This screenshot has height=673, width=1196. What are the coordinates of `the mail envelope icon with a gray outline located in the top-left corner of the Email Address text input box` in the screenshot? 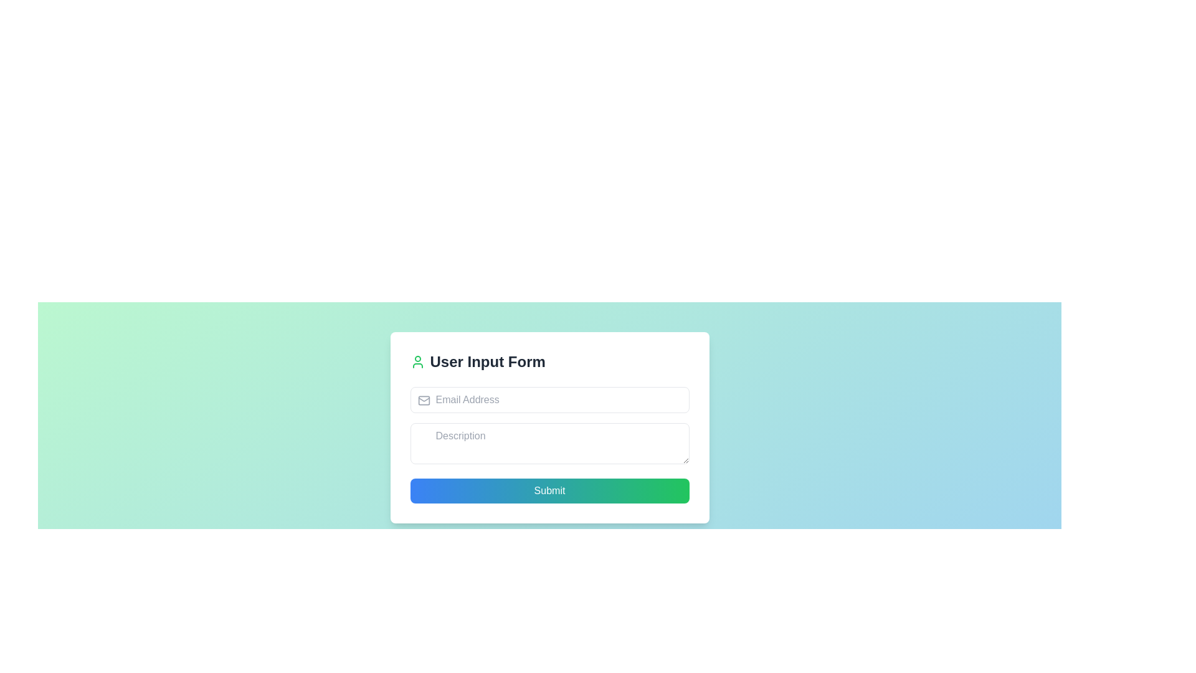 It's located at (424, 401).